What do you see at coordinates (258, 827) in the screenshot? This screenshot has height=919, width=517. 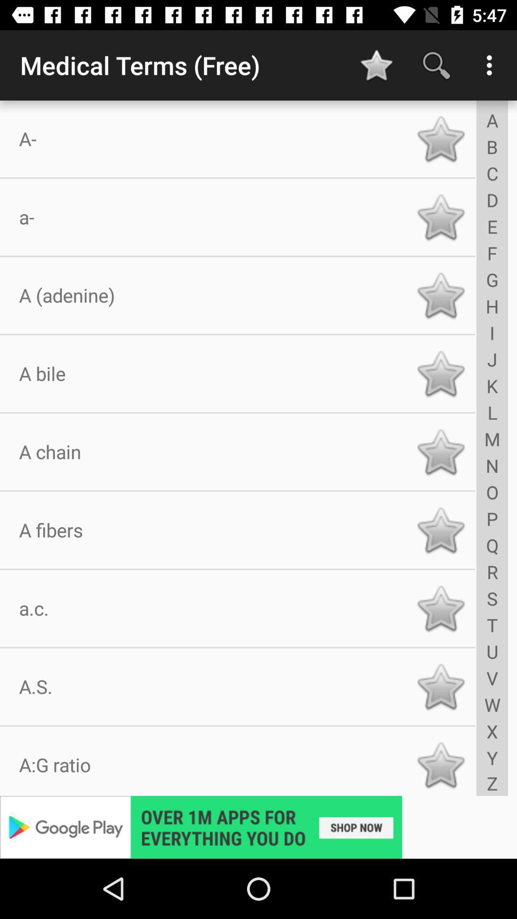 I see `advertising` at bounding box center [258, 827].